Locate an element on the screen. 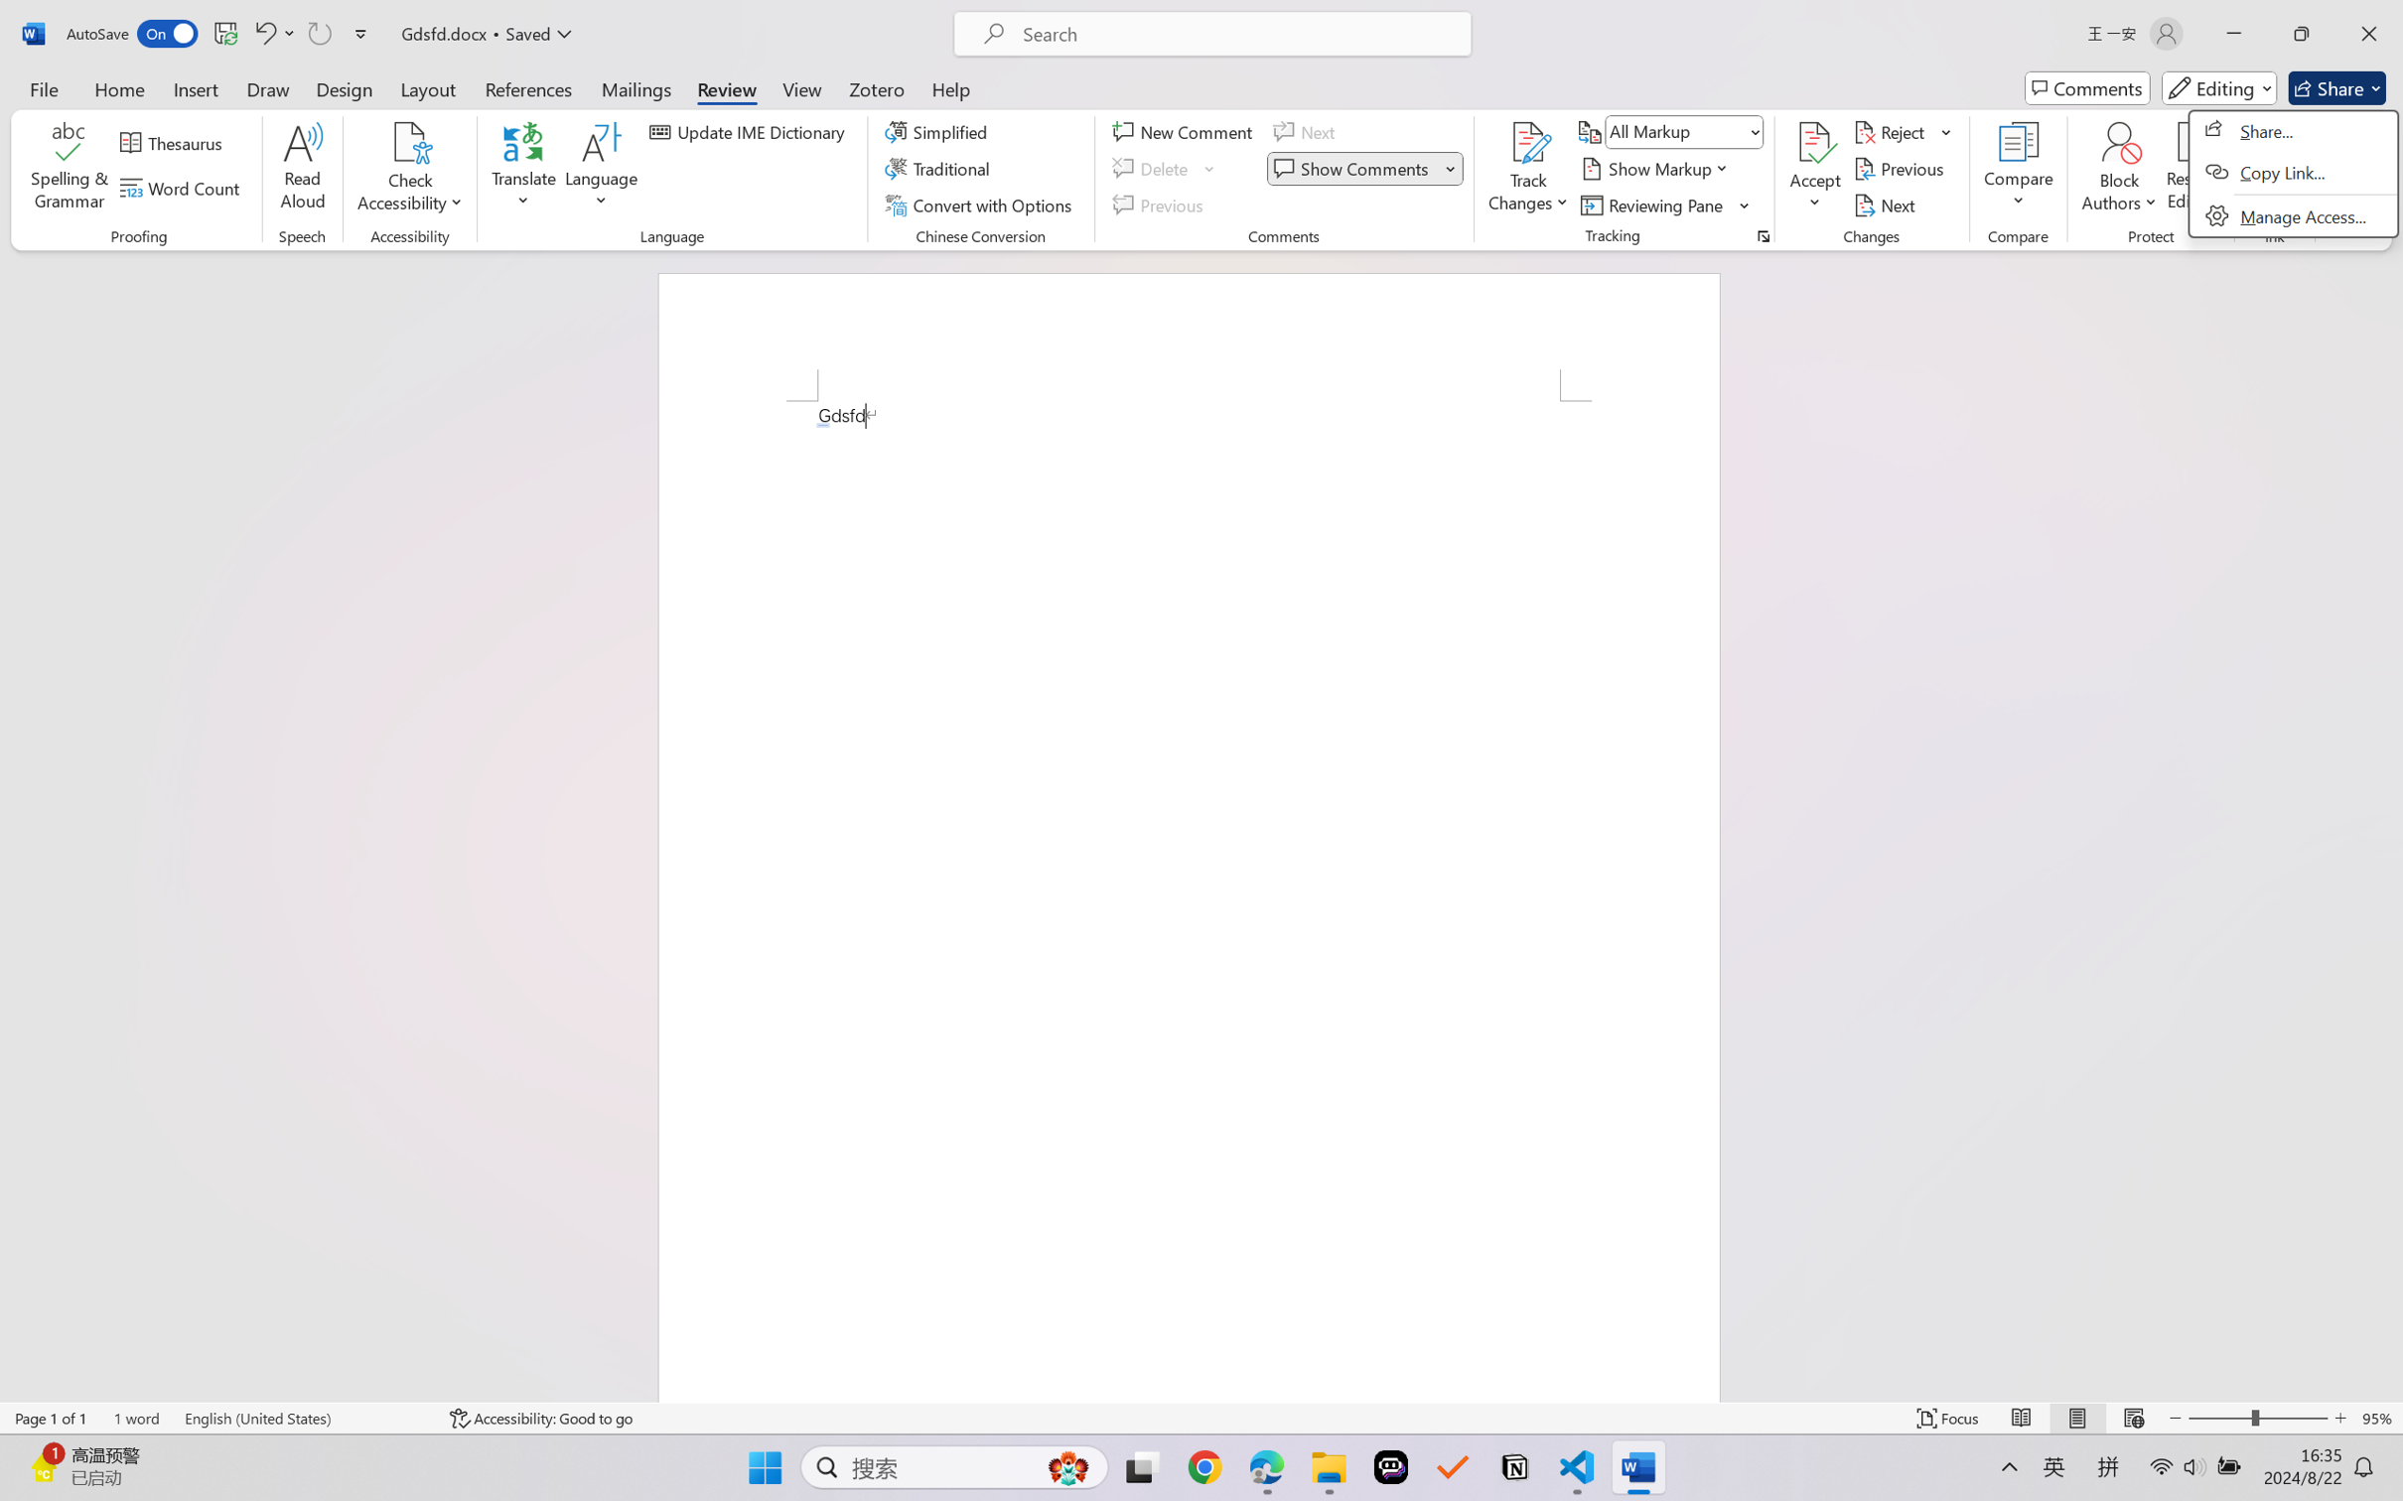 This screenshot has width=2403, height=1501. 'New Comment' is located at coordinates (1185, 130).